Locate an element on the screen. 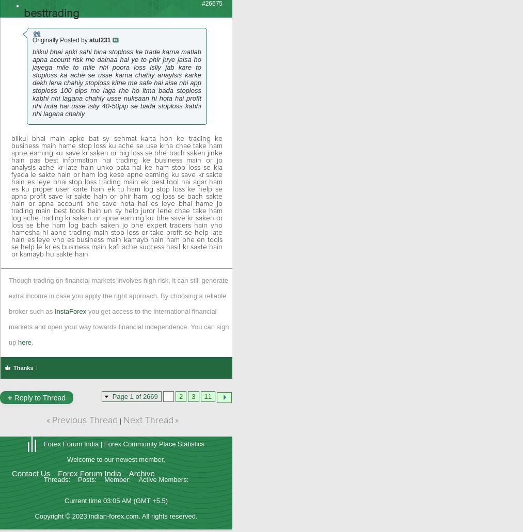 The image size is (523, 532). '11' is located at coordinates (208, 396).